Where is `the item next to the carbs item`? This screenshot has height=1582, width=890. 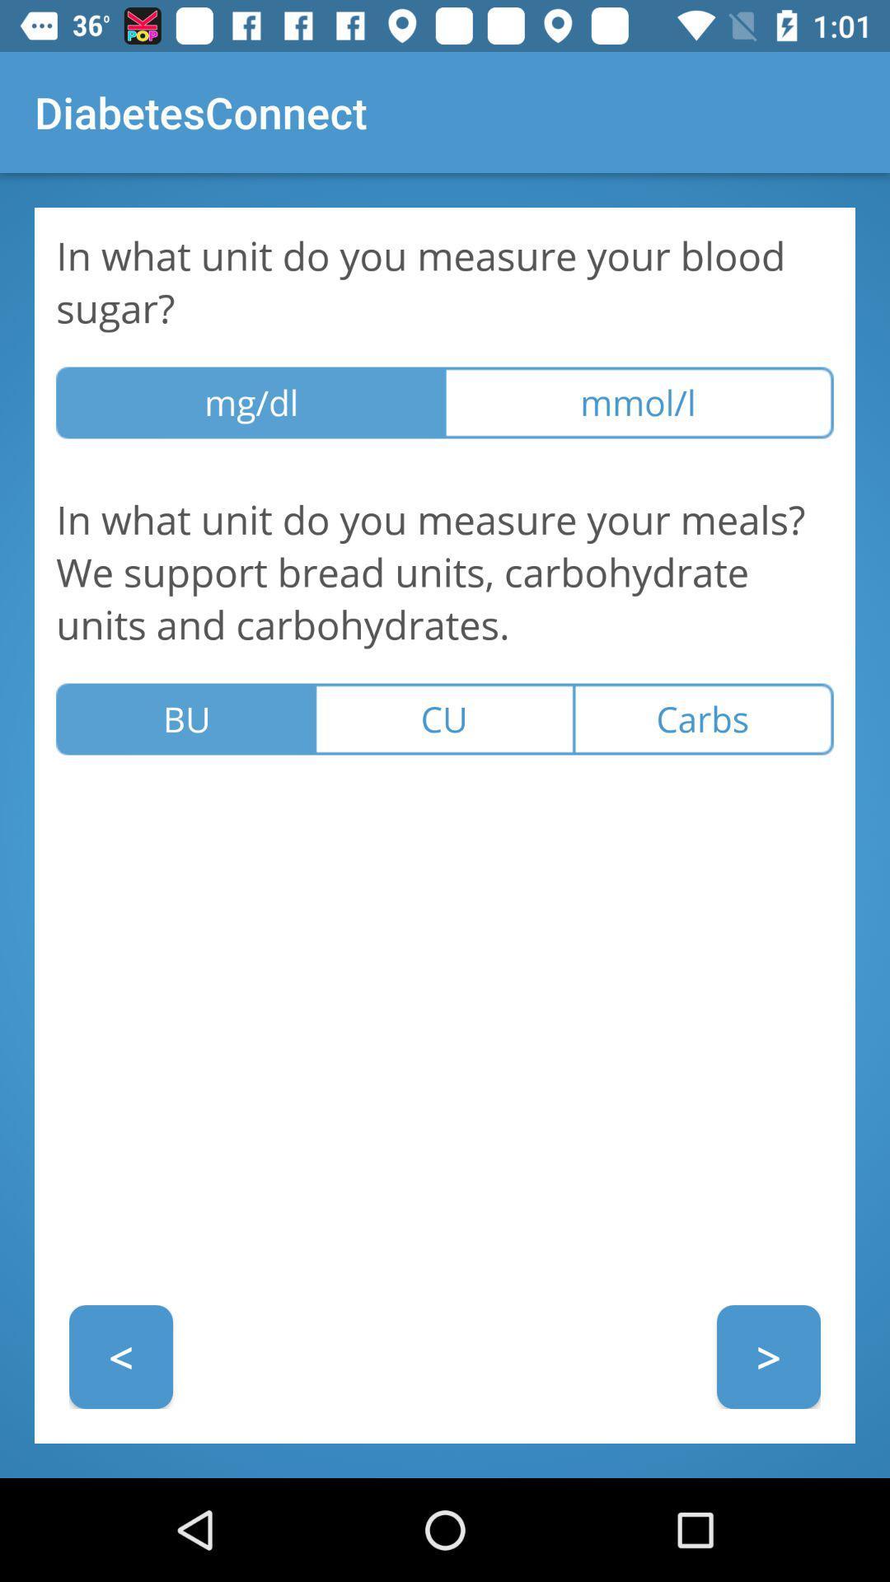
the item next to the carbs item is located at coordinates (443, 719).